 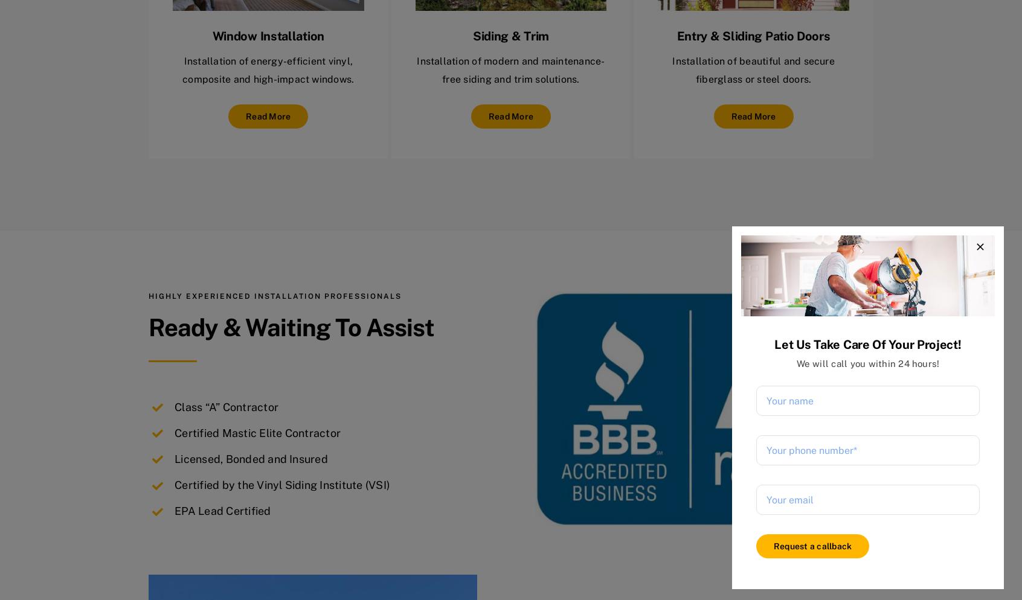 What do you see at coordinates (510, 35) in the screenshot?
I see `'Siding & Trim'` at bounding box center [510, 35].